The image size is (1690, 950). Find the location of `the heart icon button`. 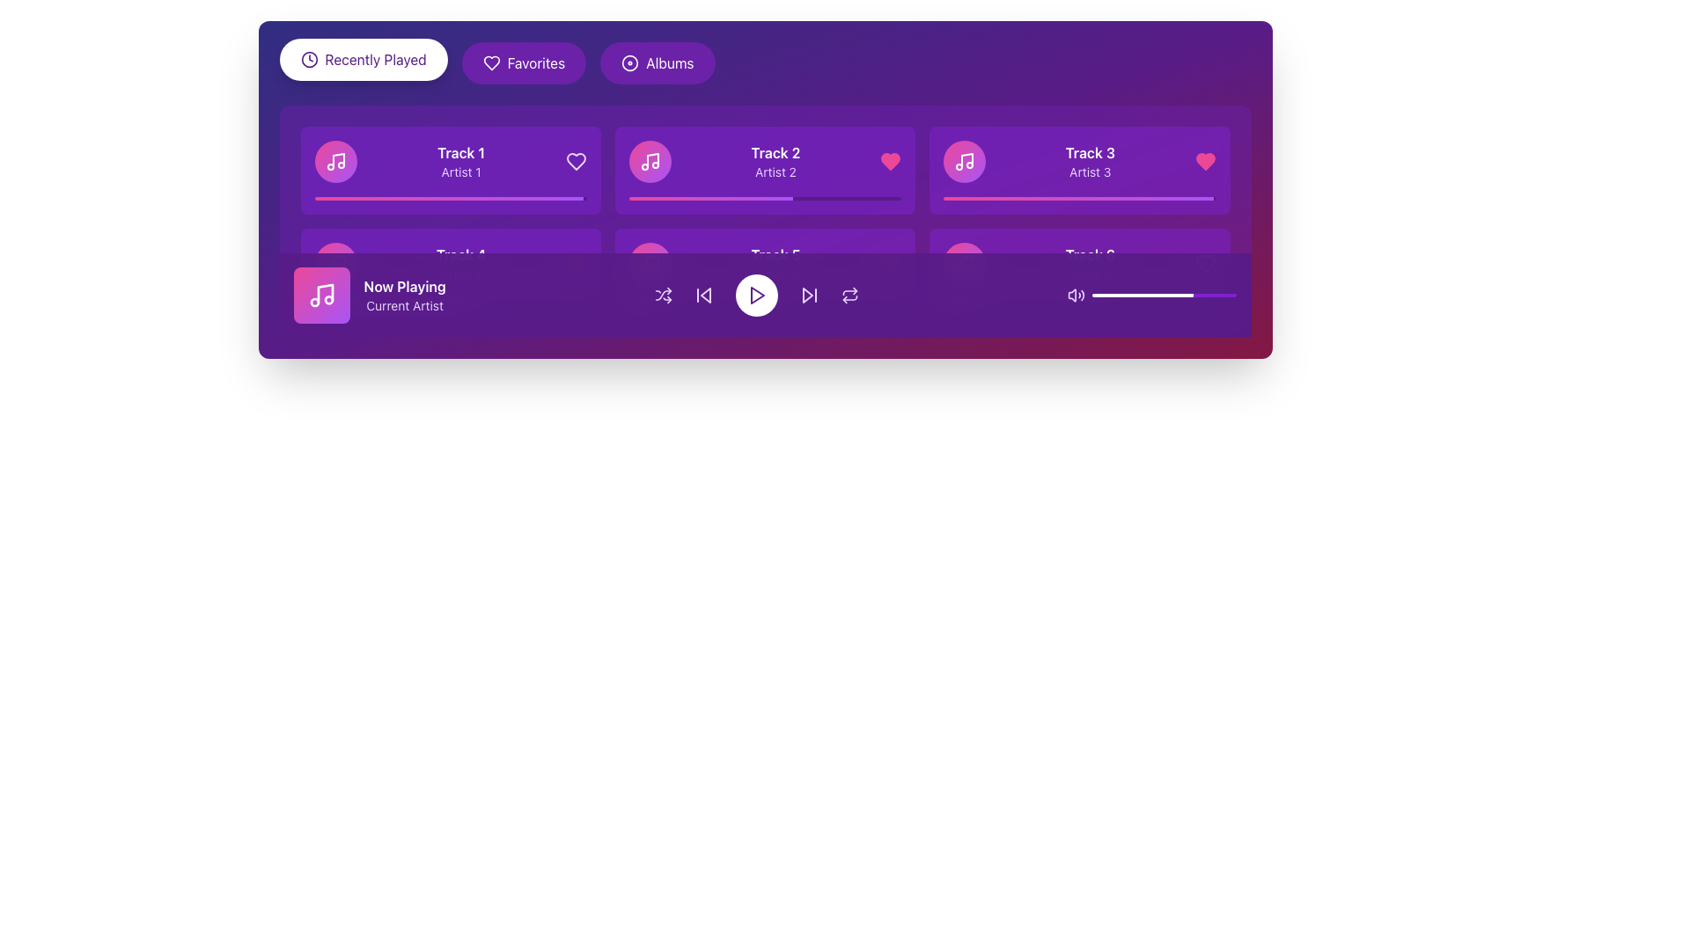

the heart icon button is located at coordinates (1204, 162).